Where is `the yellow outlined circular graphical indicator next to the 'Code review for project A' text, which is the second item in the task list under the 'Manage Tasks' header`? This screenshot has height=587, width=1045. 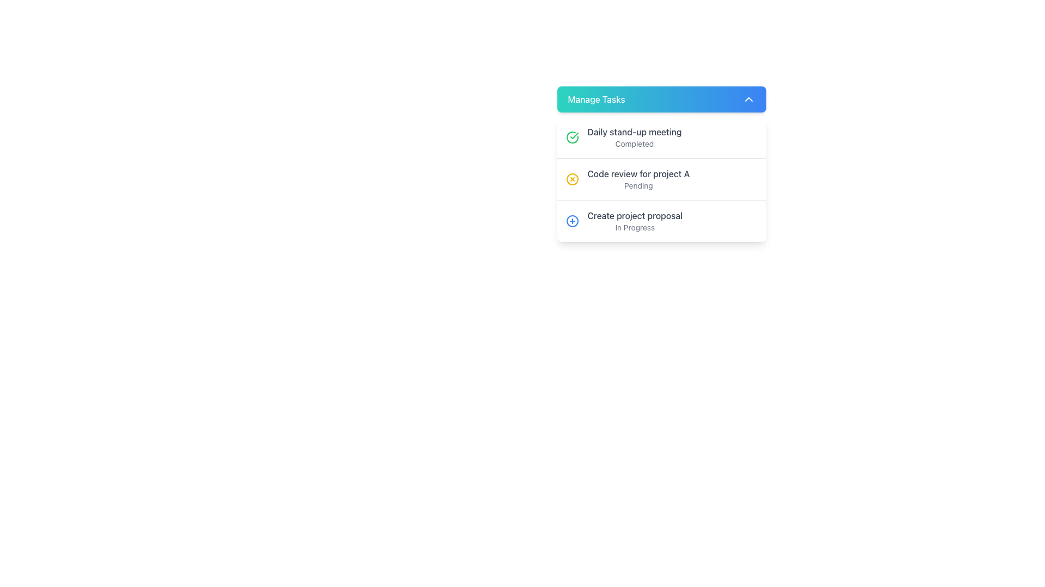
the yellow outlined circular graphical indicator next to the 'Code review for project A' text, which is the second item in the task list under the 'Manage Tasks' header is located at coordinates (571, 179).